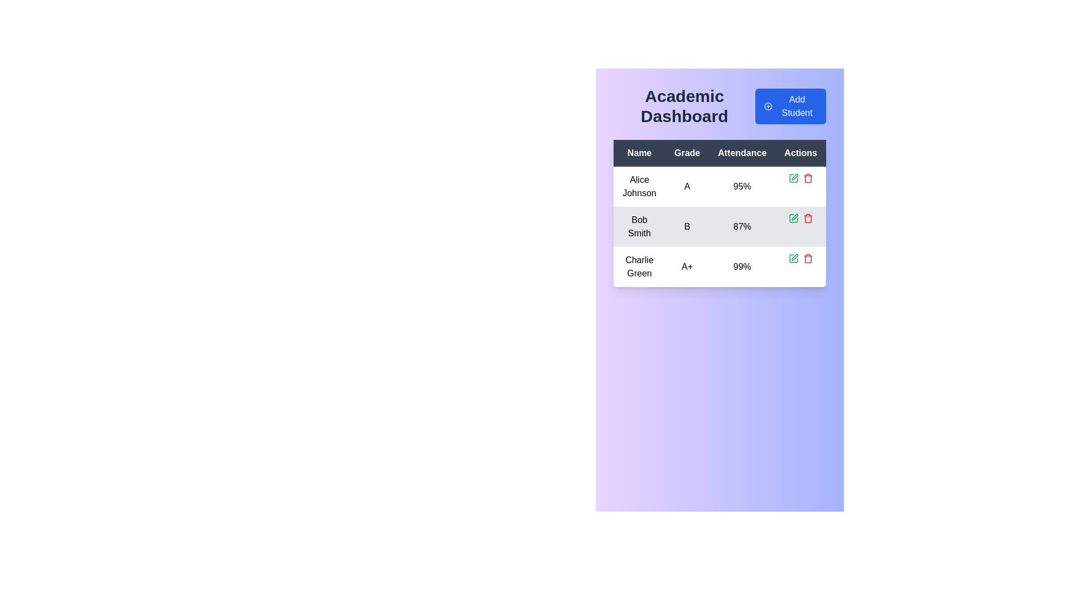  What do you see at coordinates (720, 153) in the screenshot?
I see `the Table Header Row which contains the labels 'Name', 'Grade', 'Attendance', and 'Actions'` at bounding box center [720, 153].